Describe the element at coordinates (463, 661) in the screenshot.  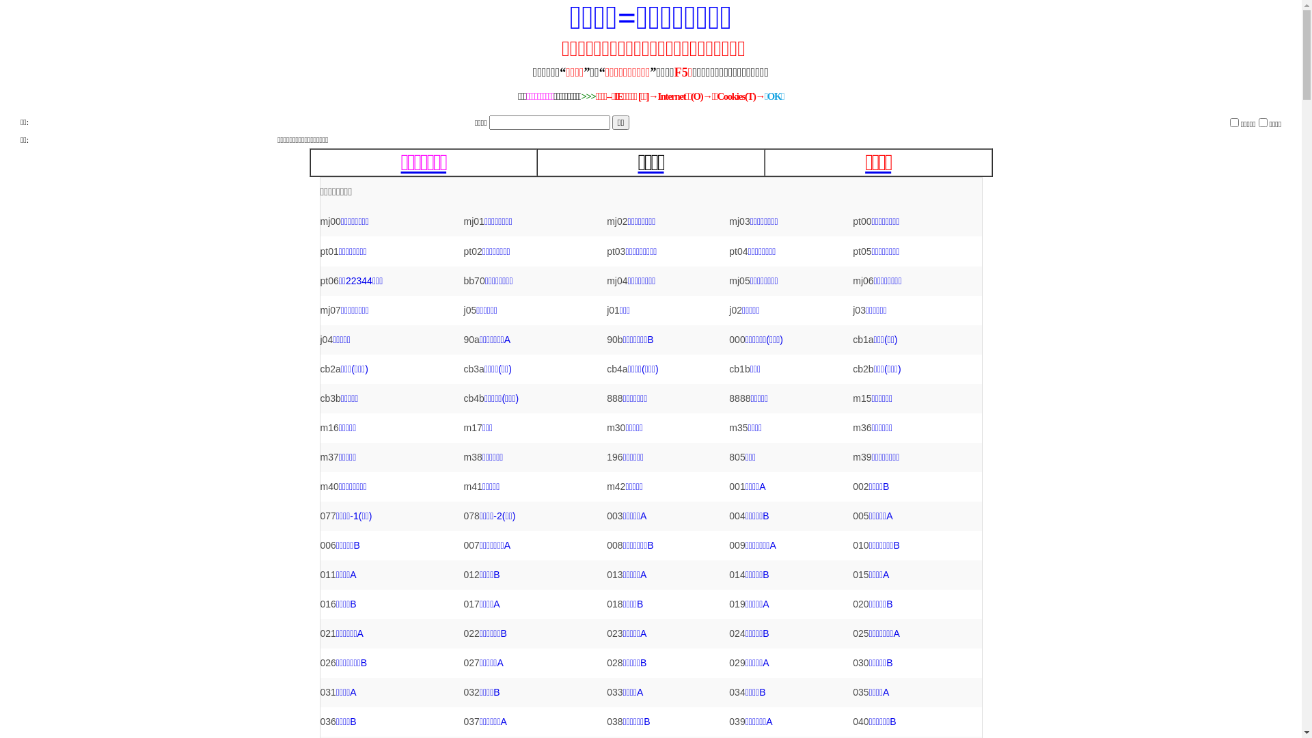
I see `'027'` at that location.